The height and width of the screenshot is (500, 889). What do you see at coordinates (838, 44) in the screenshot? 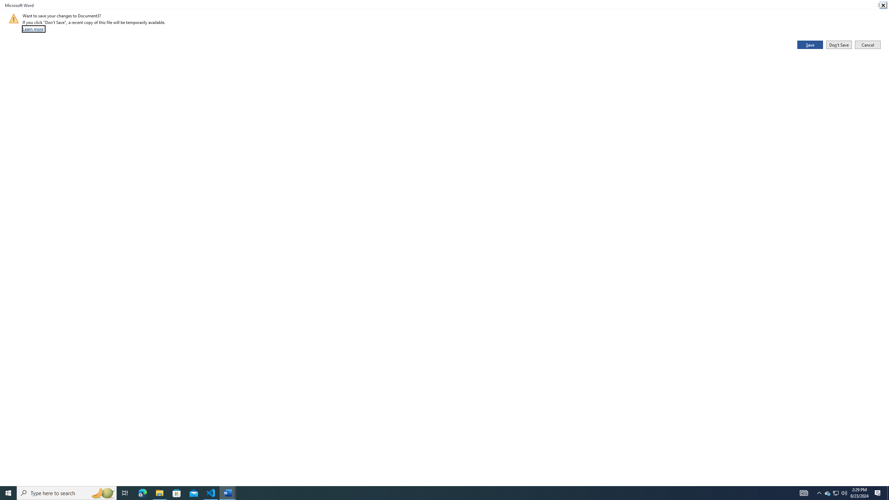
I see `'Don'` at bounding box center [838, 44].